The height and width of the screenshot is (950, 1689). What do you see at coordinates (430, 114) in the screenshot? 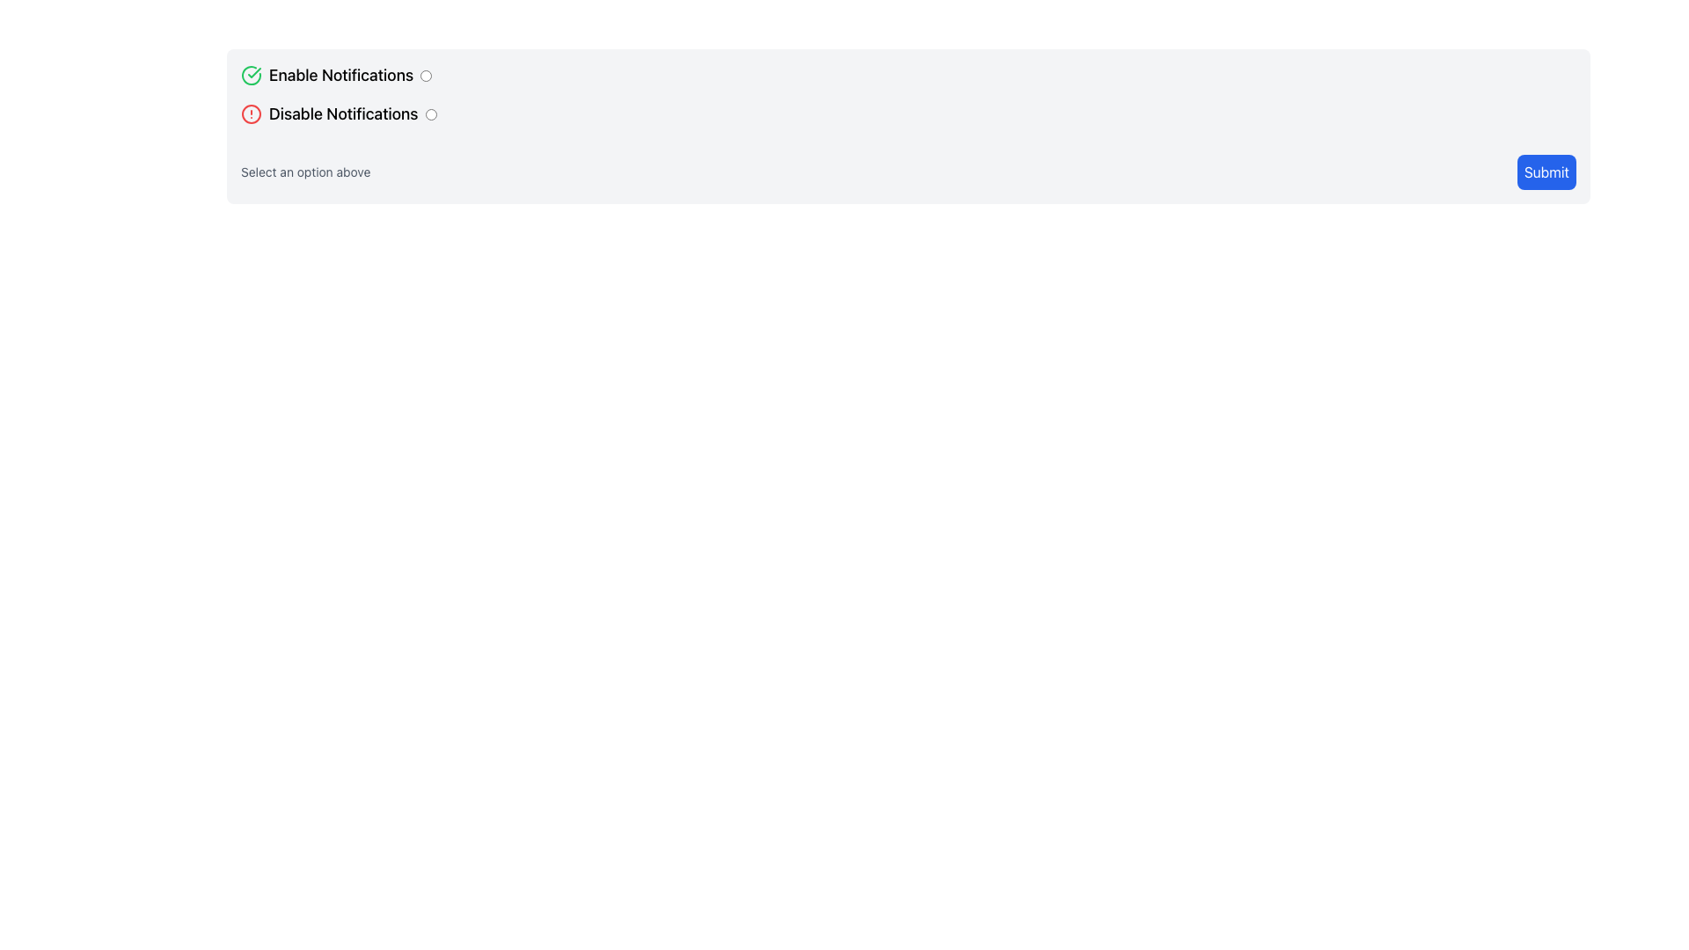
I see `the 'Disable Notifications' radio button` at bounding box center [430, 114].